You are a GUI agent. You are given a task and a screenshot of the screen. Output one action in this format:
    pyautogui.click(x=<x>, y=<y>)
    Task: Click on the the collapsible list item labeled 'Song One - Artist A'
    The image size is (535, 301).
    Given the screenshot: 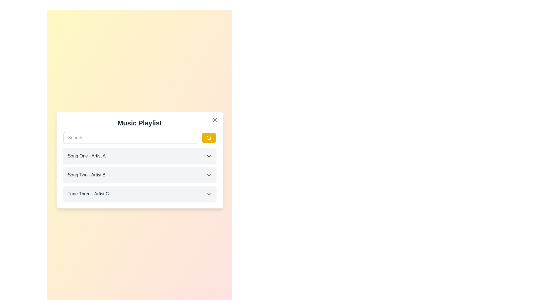 What is the action you would take?
    pyautogui.click(x=140, y=156)
    